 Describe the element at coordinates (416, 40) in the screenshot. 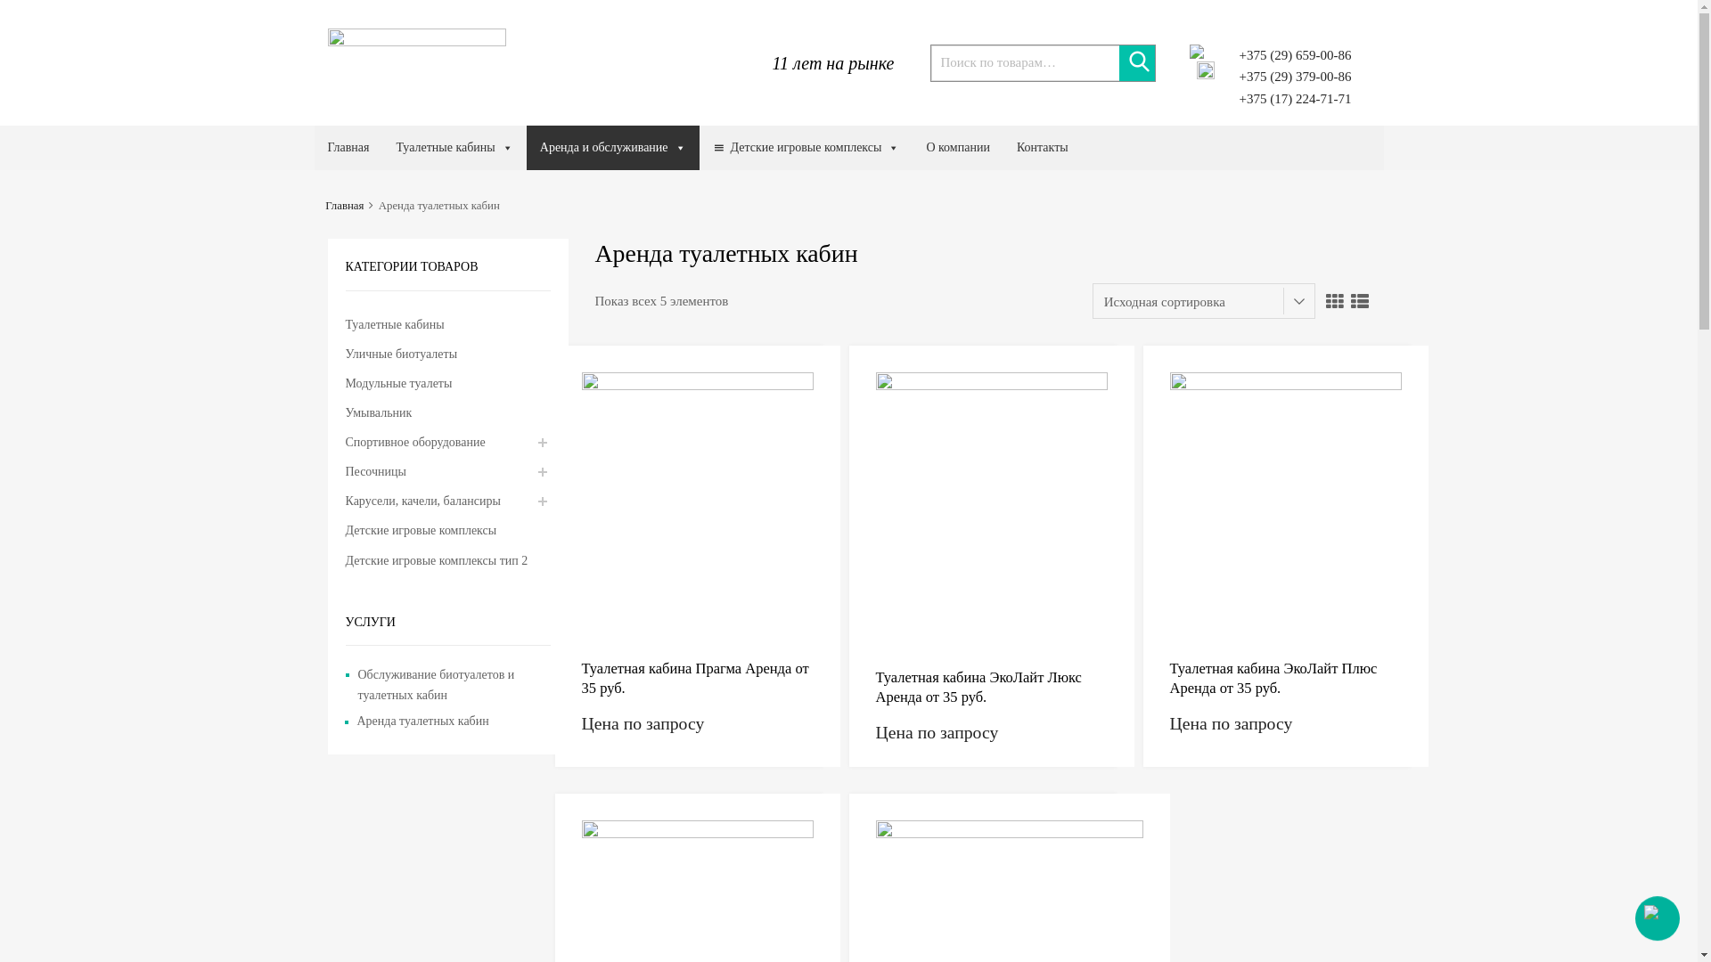

I see `'Ges'` at that location.